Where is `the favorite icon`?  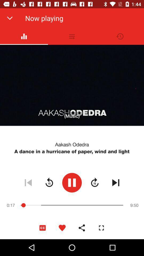 the favorite icon is located at coordinates (62, 227).